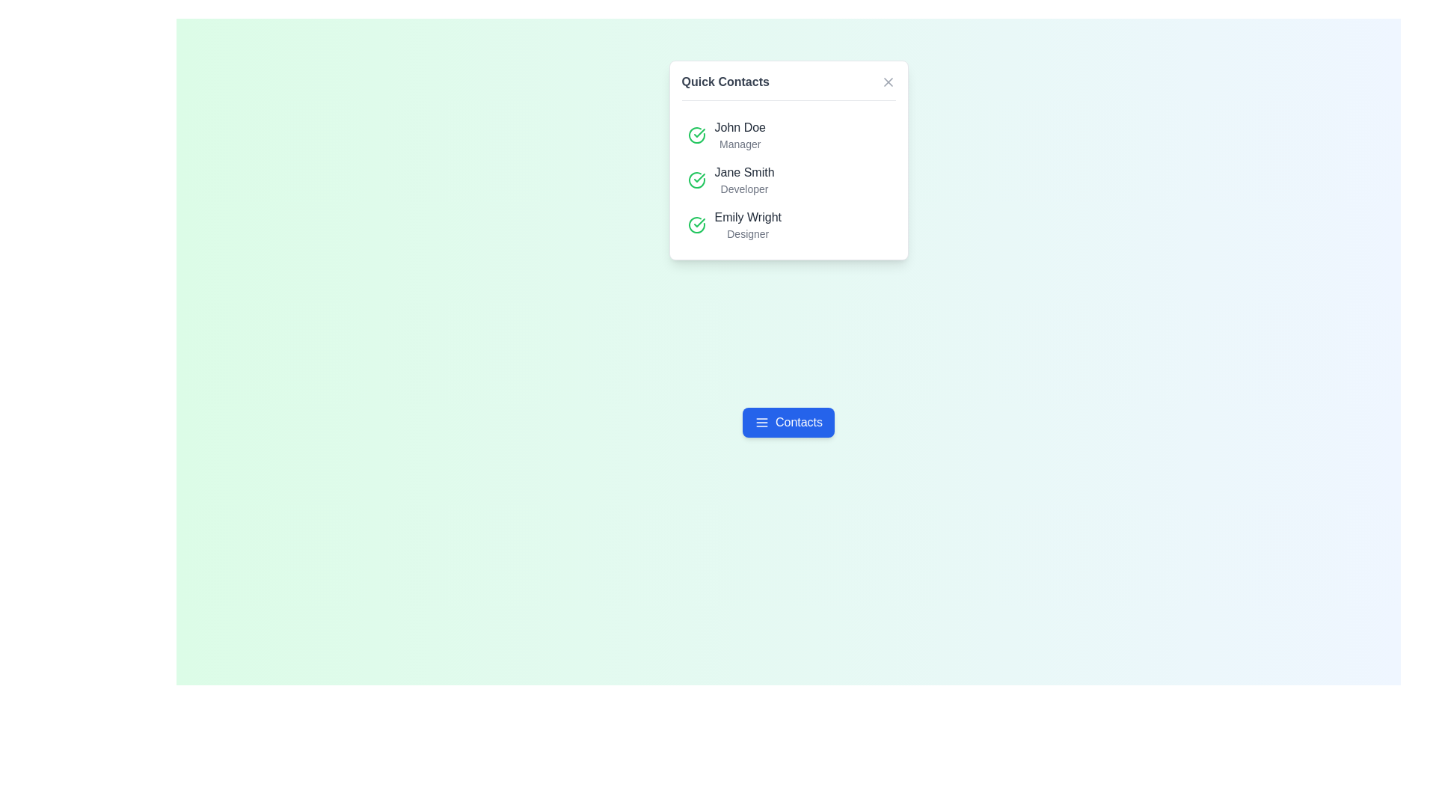  What do you see at coordinates (748, 224) in the screenshot?
I see `information displayed in the text block that shows the name and title of a contact, which is the third item in the 'Quick Contacts' card` at bounding box center [748, 224].